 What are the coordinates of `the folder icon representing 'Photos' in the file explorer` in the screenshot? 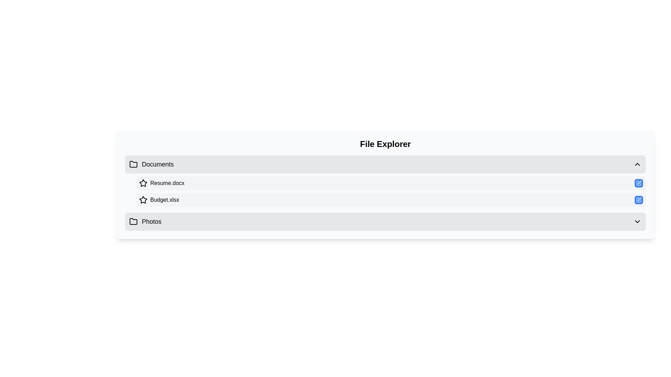 It's located at (134, 221).